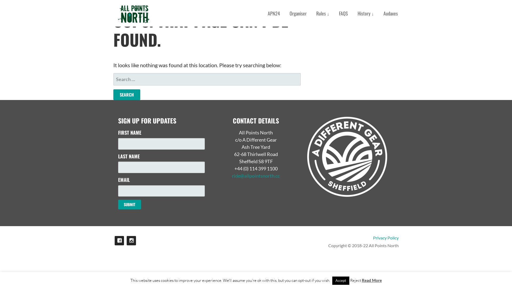 This screenshot has height=288, width=512. Describe the element at coordinates (340, 280) in the screenshot. I see `'Accept'` at that location.